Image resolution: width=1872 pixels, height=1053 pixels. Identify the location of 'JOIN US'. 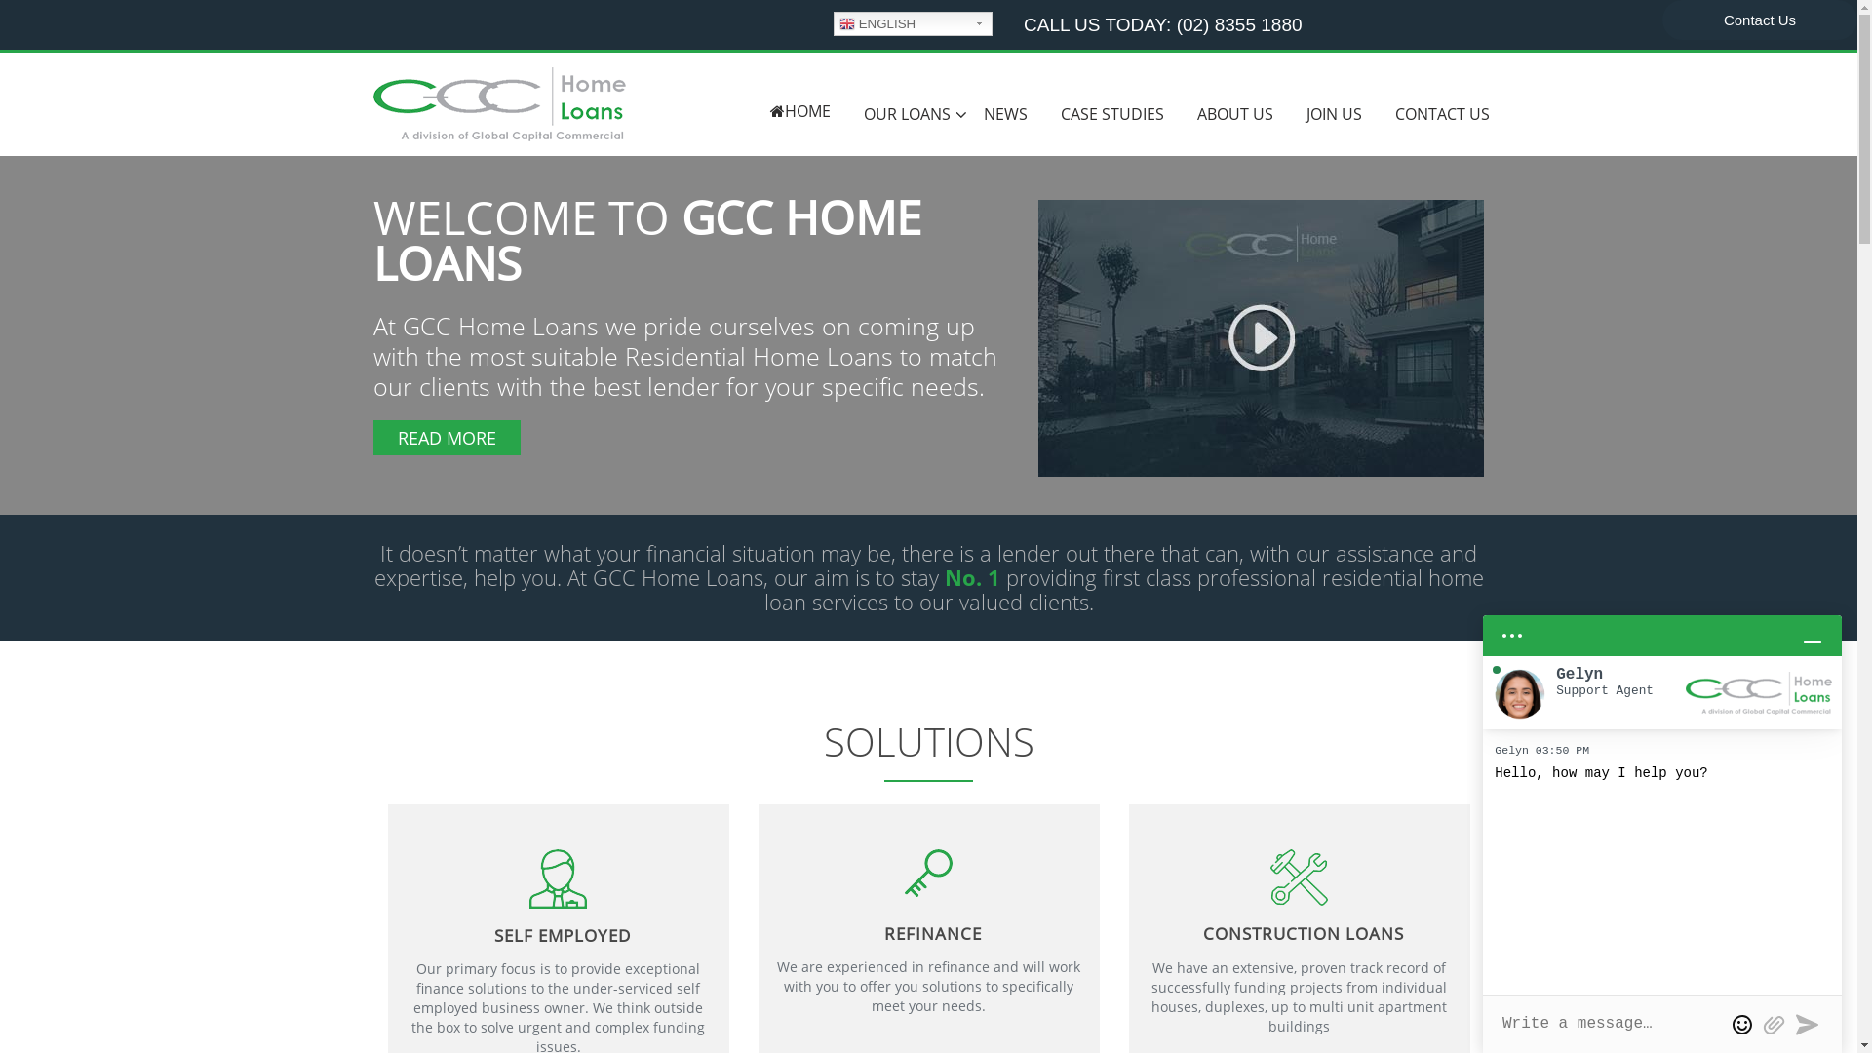
(1332, 114).